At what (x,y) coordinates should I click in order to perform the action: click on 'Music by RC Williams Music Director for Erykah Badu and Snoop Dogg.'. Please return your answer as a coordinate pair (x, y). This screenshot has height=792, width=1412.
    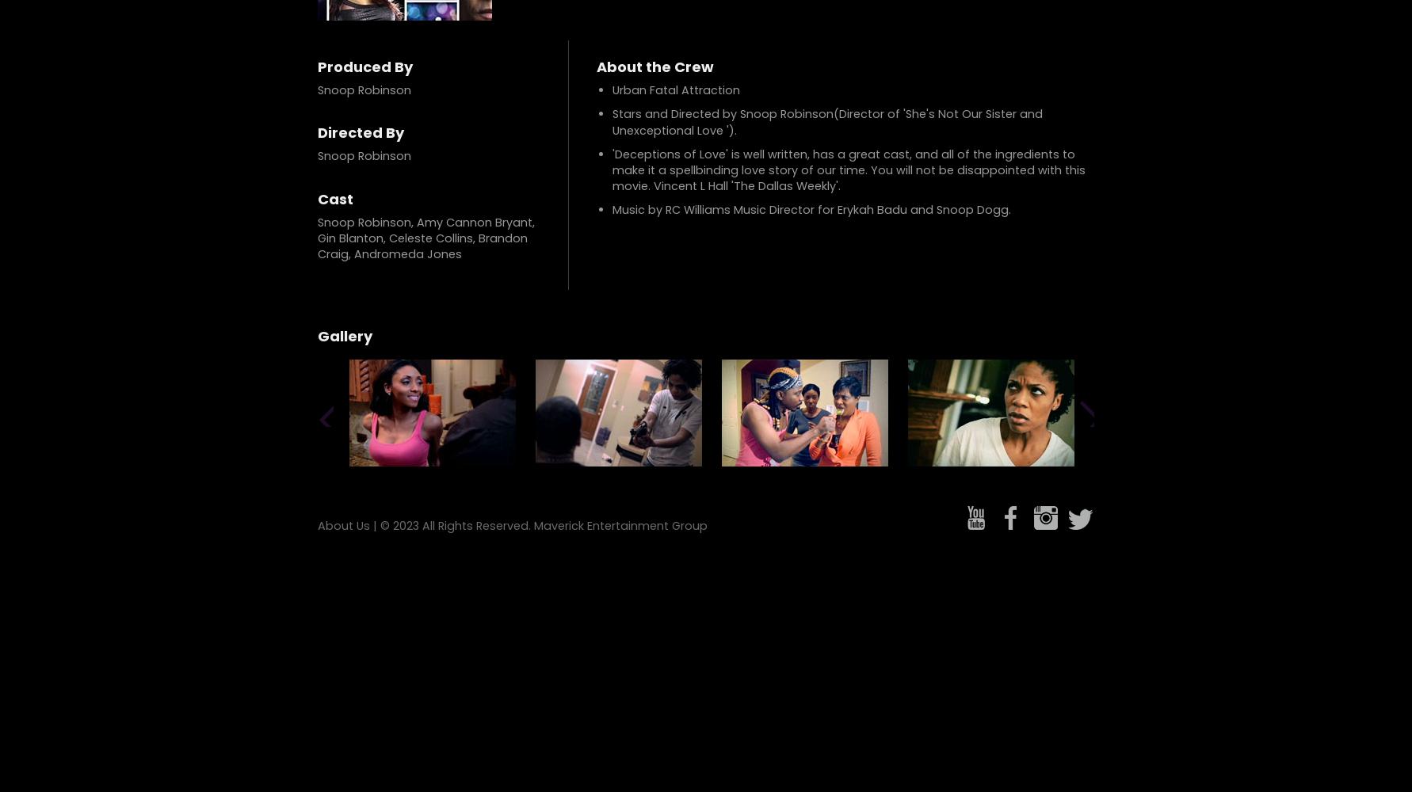
    Looking at the image, I should click on (613, 210).